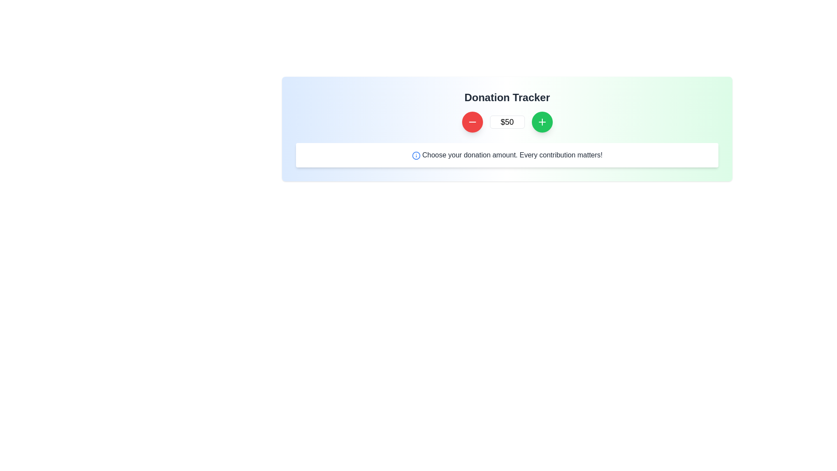 The height and width of the screenshot is (471, 837). Describe the element at coordinates (472, 122) in the screenshot. I see `the circular red button with a white minus sign to decrease the donation amount in the Donation Tracker interface` at that location.